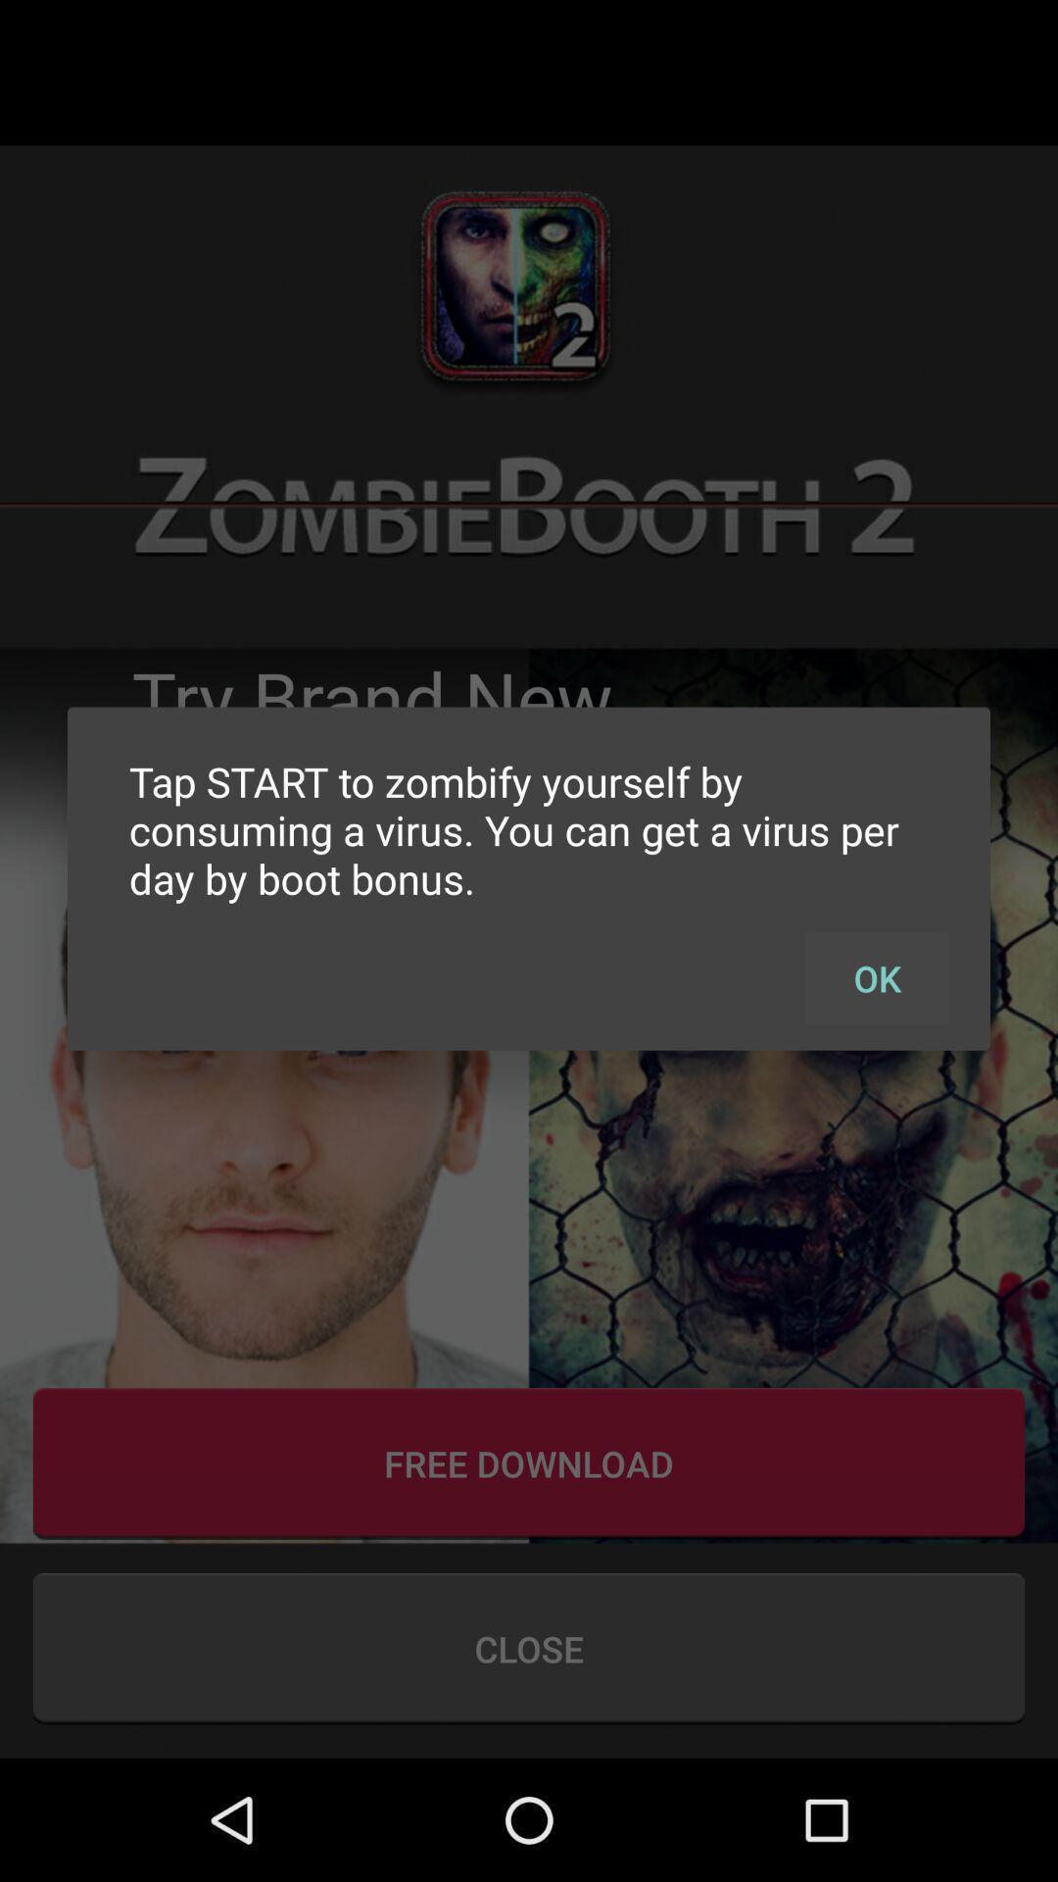 The width and height of the screenshot is (1058, 1882). Describe the element at coordinates (1013, 1555) in the screenshot. I see `the star icon` at that location.